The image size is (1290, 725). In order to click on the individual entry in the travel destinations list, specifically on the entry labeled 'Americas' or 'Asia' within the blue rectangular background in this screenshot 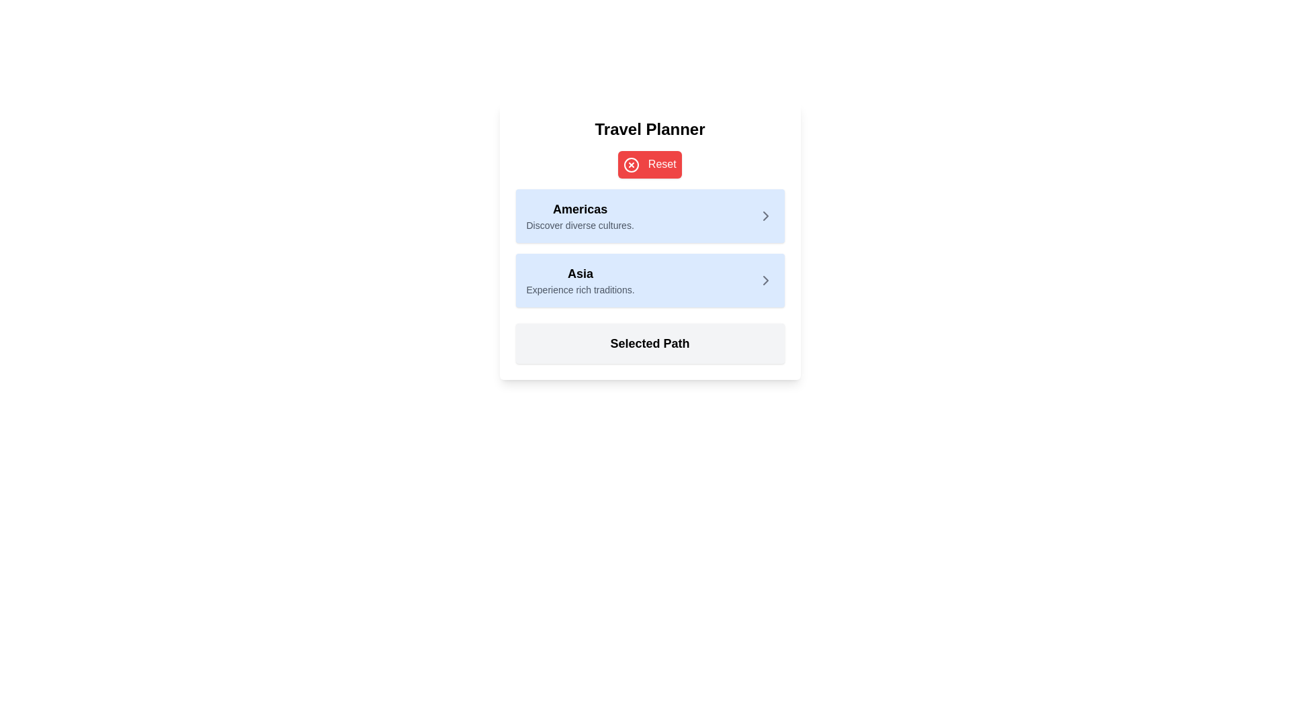, I will do `click(650, 248)`.